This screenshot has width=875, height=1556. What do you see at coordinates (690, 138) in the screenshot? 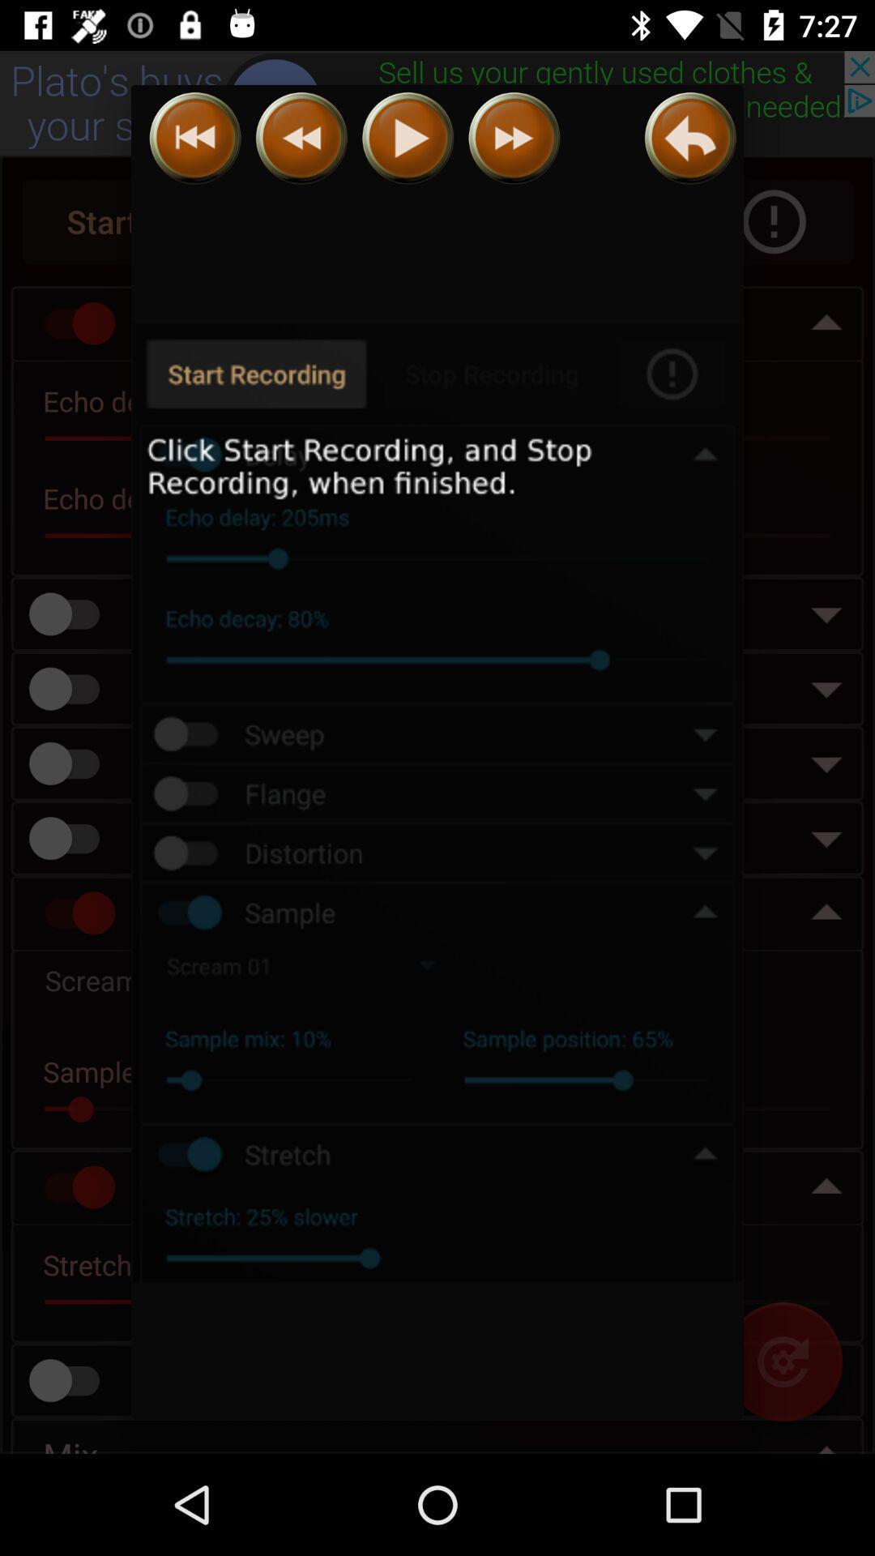
I see `go back` at bounding box center [690, 138].